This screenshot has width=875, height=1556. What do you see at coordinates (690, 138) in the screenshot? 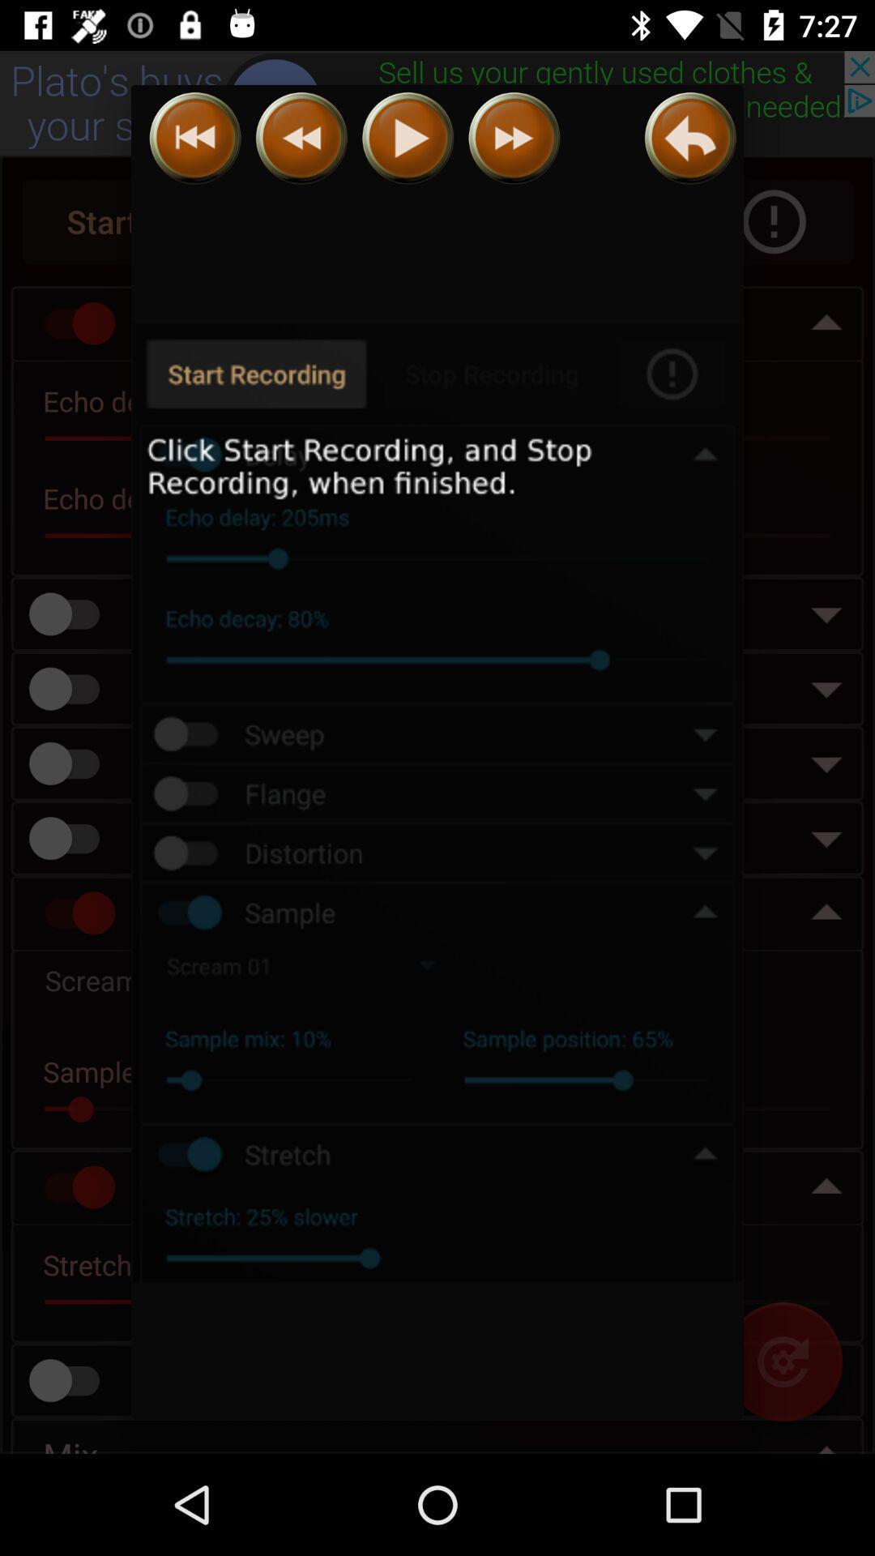
I see `go back` at bounding box center [690, 138].